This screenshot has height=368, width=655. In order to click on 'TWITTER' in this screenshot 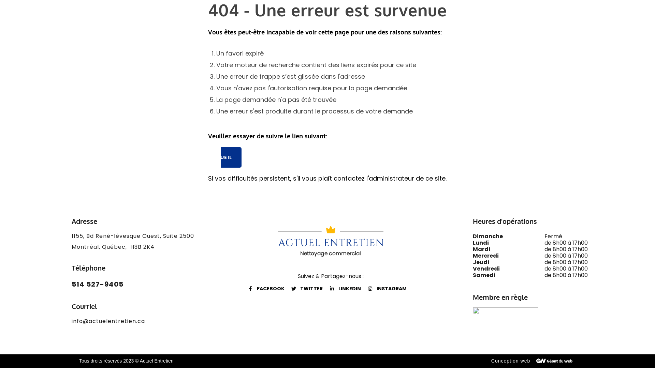, I will do `click(307, 289)`.